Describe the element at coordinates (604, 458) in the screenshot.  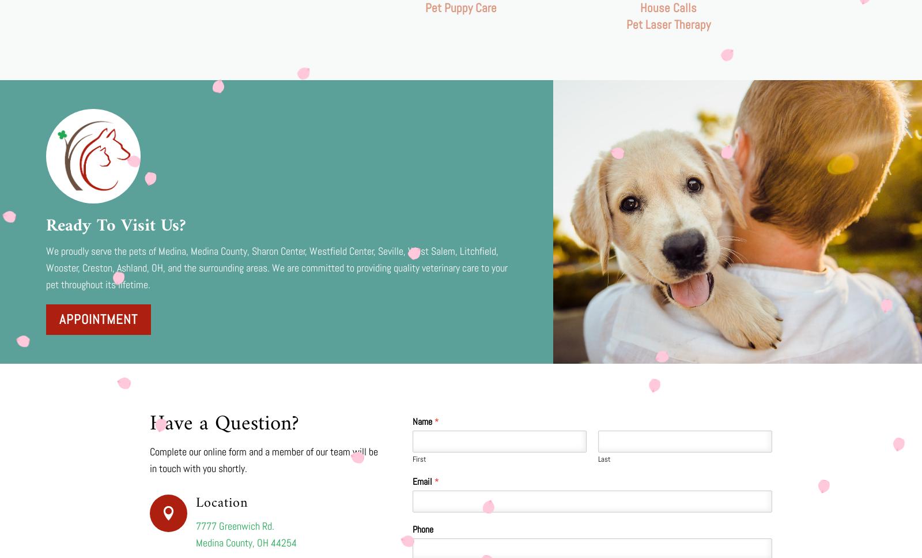
I see `'Last'` at that location.